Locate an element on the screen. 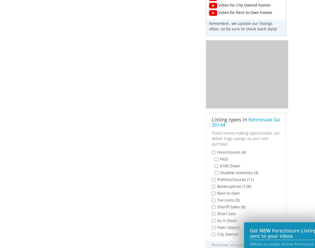 The image size is (315, 248). 'Bankruptcies (128)' is located at coordinates (233, 186).